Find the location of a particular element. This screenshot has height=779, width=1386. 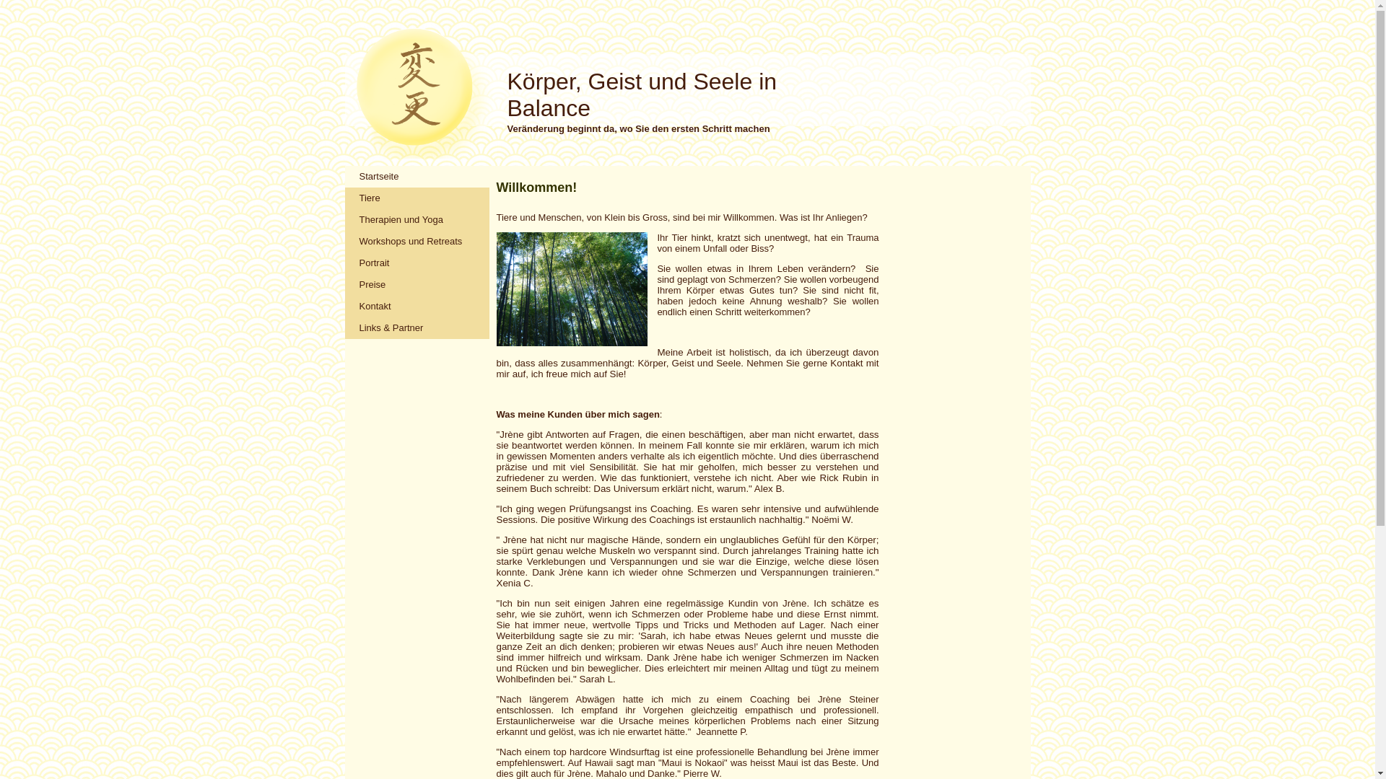

'Startseite' is located at coordinates (344, 176).